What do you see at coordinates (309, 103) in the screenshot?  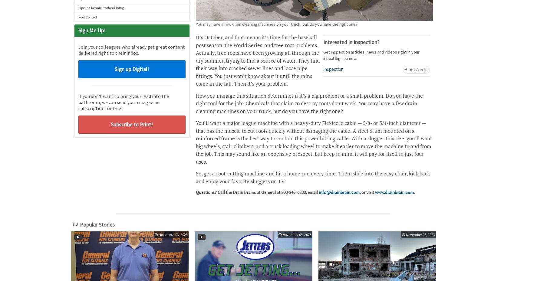 I see `'How you manage this situation determines if it’s a big problem or a small problem. Do you have the right tool for the job? Chemicals that claim to destroy roots don’t work. You may have a few drain cleaning machines on your truck, but do you have the right one?'` at bounding box center [309, 103].